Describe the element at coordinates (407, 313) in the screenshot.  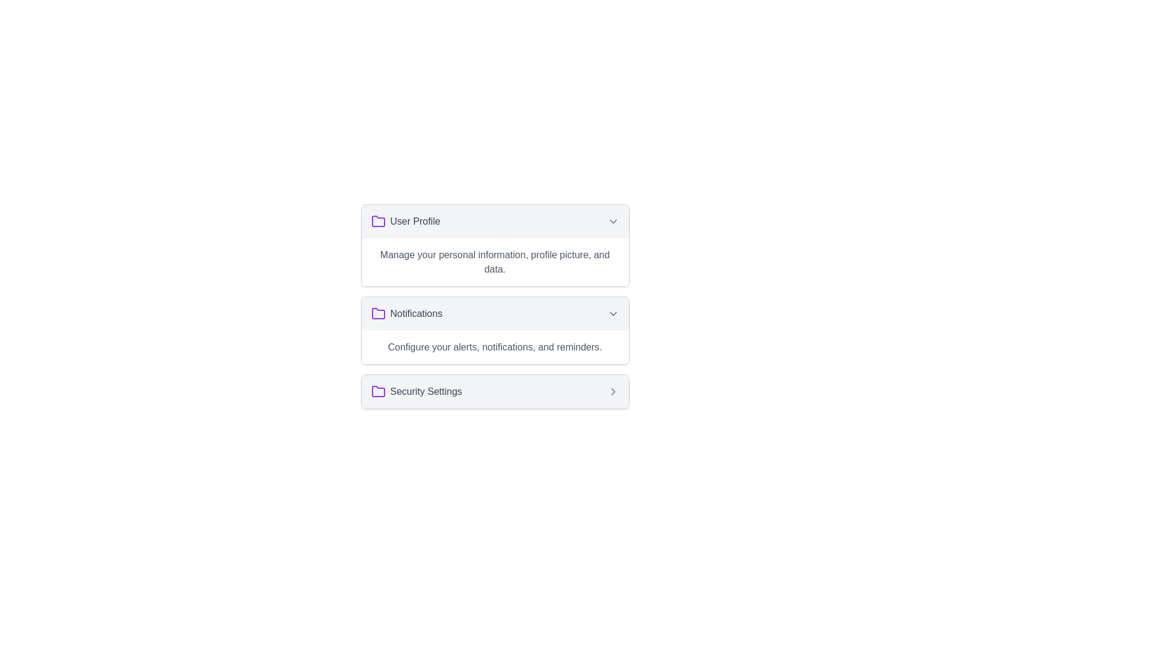
I see `the navigation item for notification settings, which is located in the second row of the vertical list, between 'User Profile' and 'Security Settings'` at that location.